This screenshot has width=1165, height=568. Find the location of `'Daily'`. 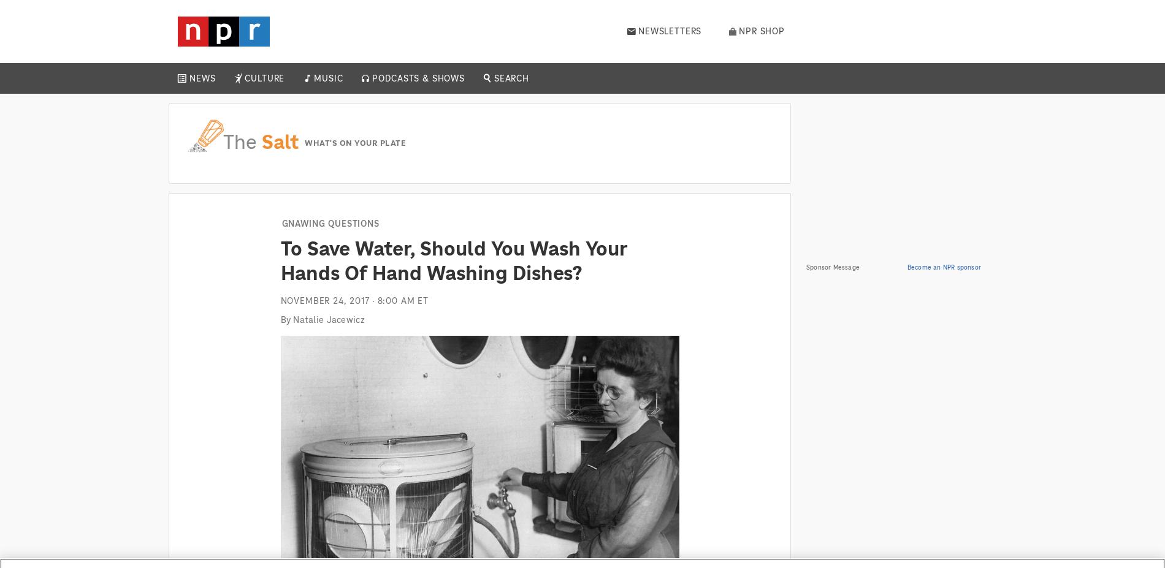

'Daily' is located at coordinates (384, 112).